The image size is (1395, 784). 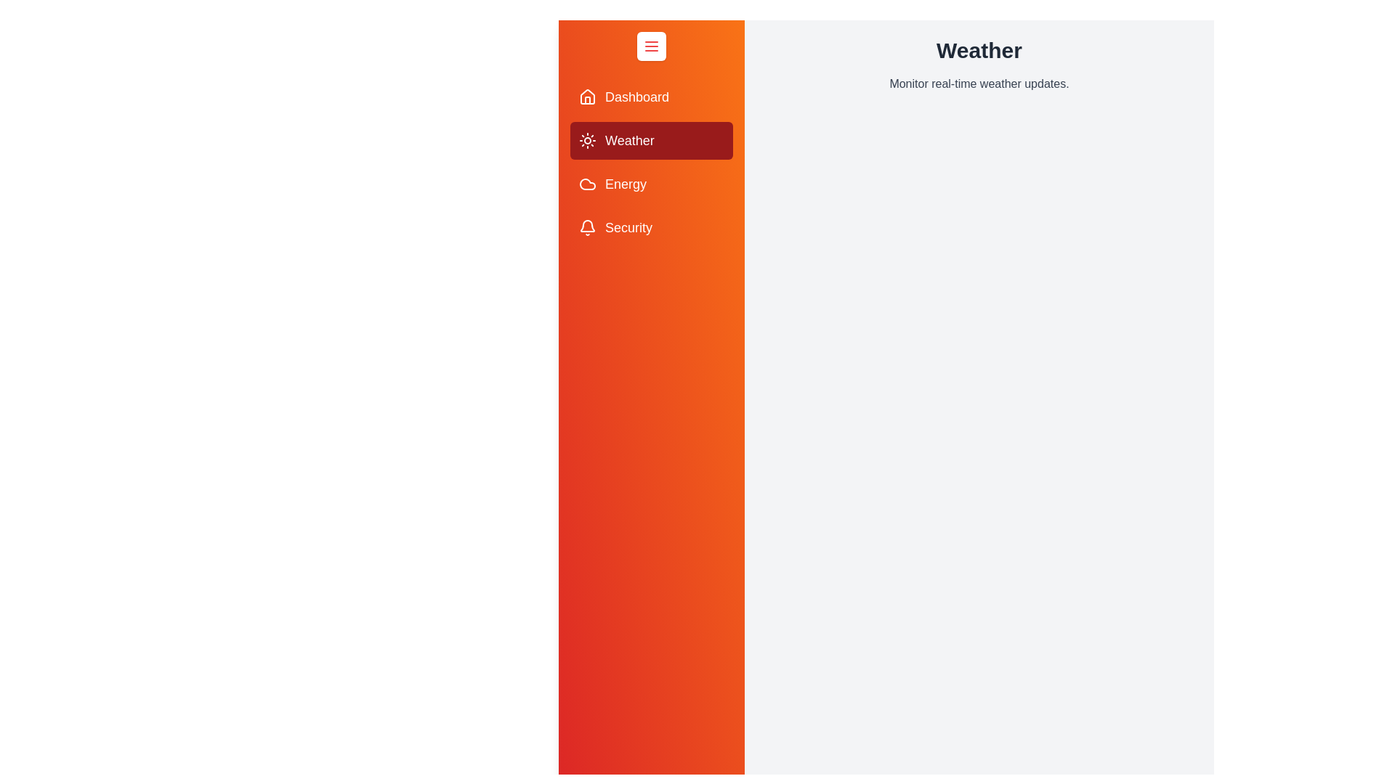 What do you see at coordinates (651, 97) in the screenshot?
I see `the Dashboard section from the drawer menu` at bounding box center [651, 97].